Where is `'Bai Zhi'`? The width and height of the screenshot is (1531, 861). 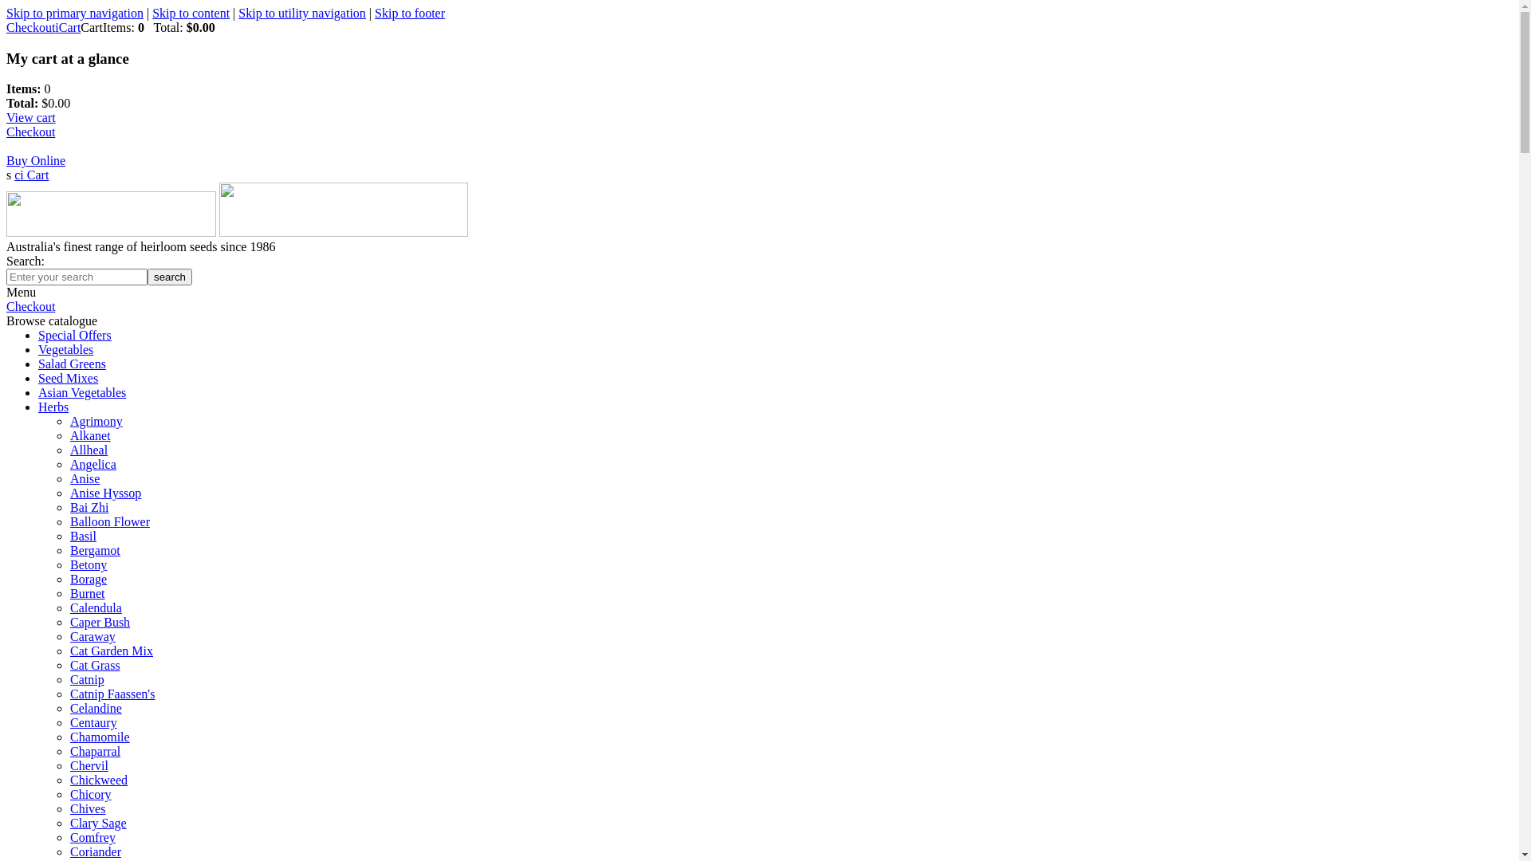
'Bai Zhi' is located at coordinates (88, 507).